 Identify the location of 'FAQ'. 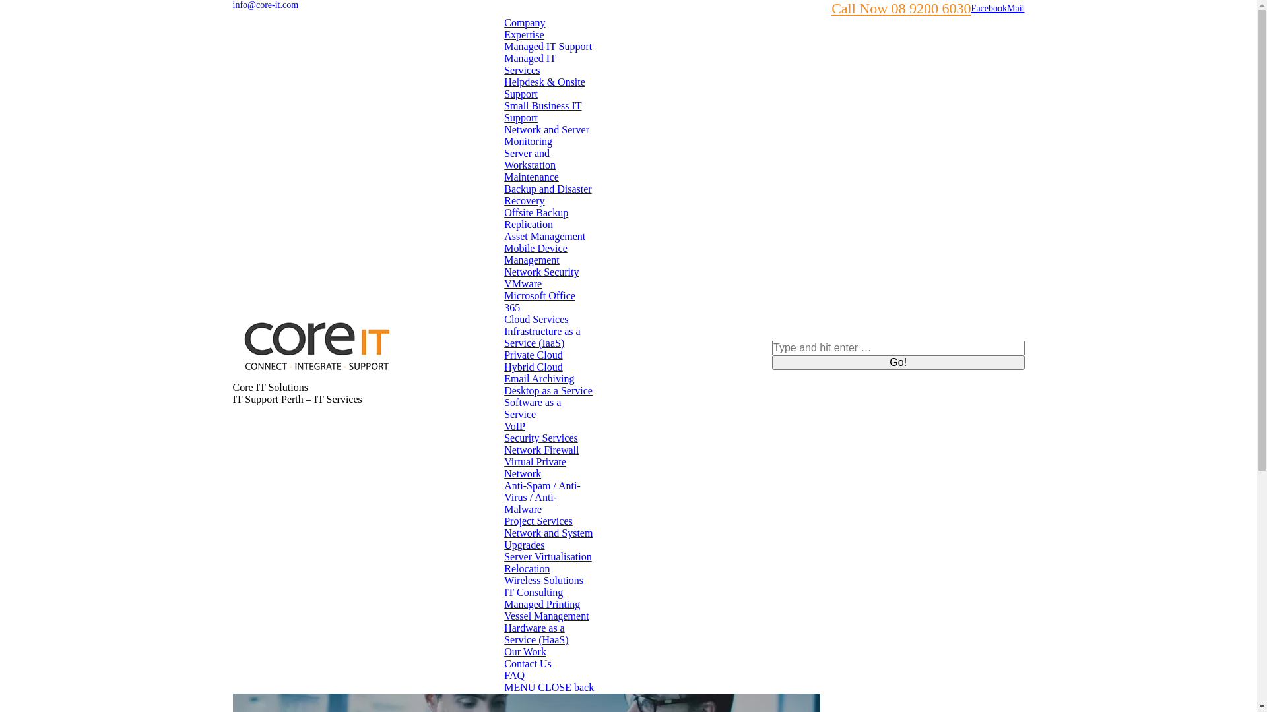
(513, 675).